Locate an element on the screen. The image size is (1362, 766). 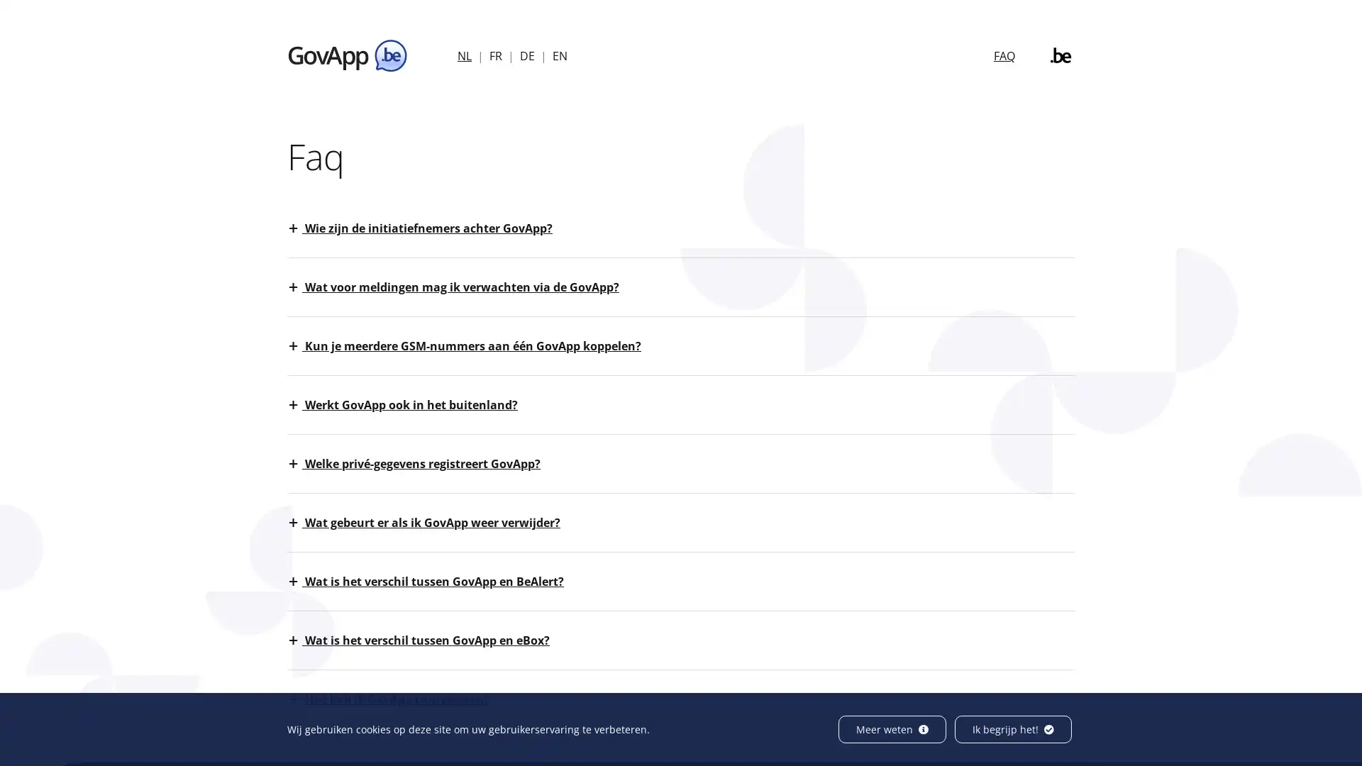
+ Wat voor meldingen mag ik verwachten via de GovApp? is located at coordinates (462, 287).